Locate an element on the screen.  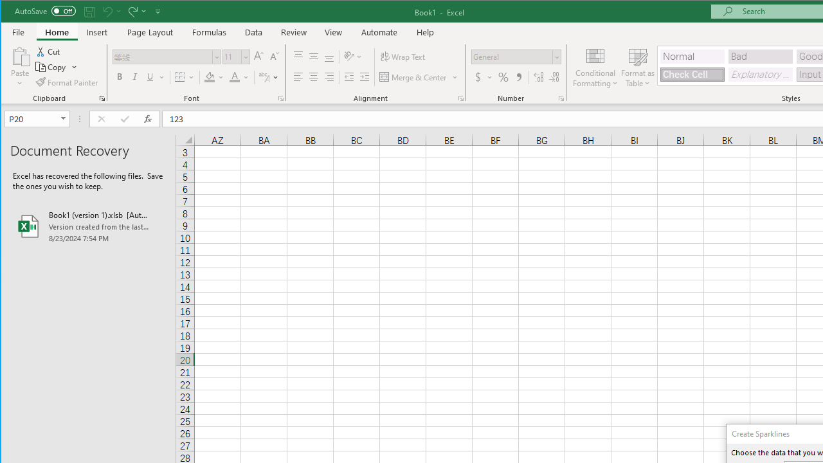
'Italic' is located at coordinates (134, 77).